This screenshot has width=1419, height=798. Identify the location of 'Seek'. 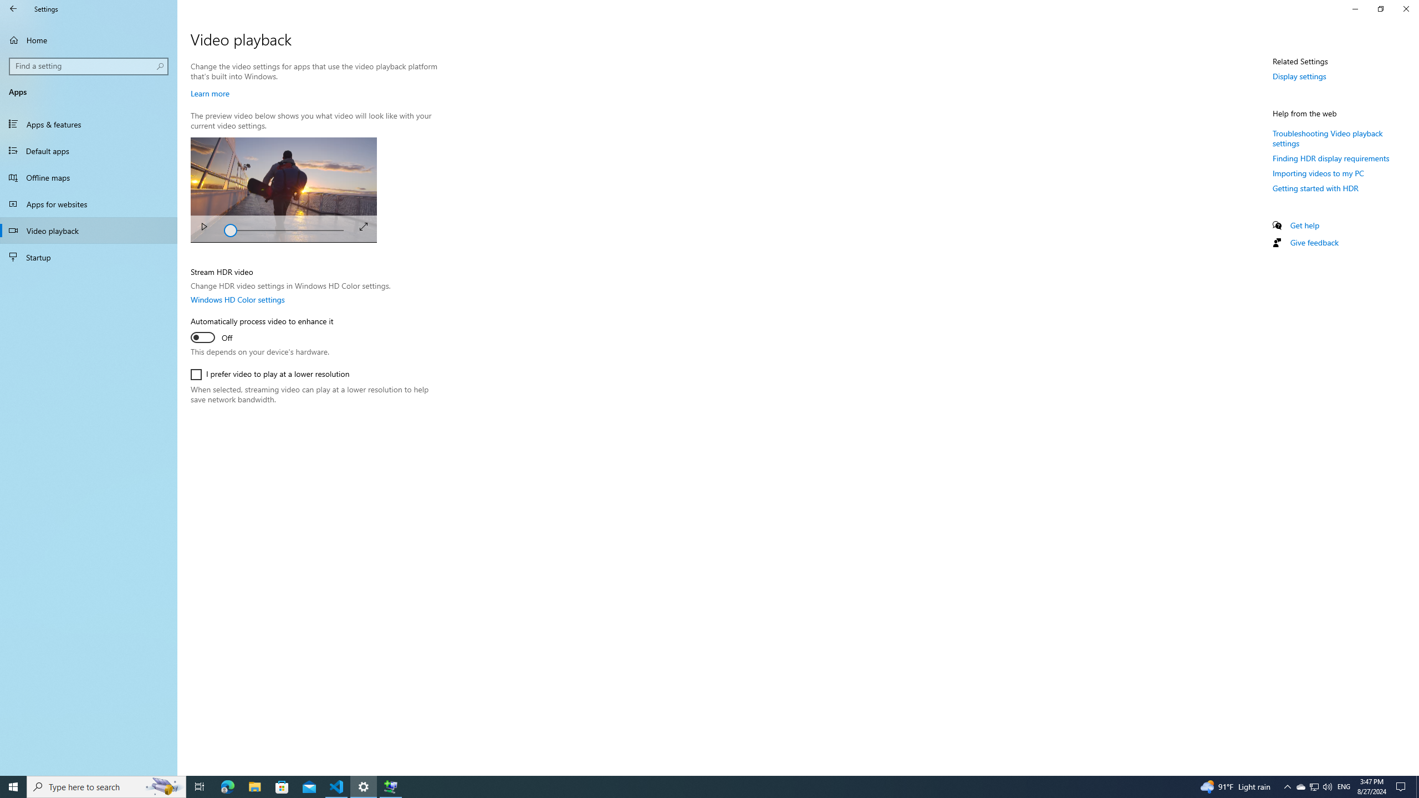
(283, 229).